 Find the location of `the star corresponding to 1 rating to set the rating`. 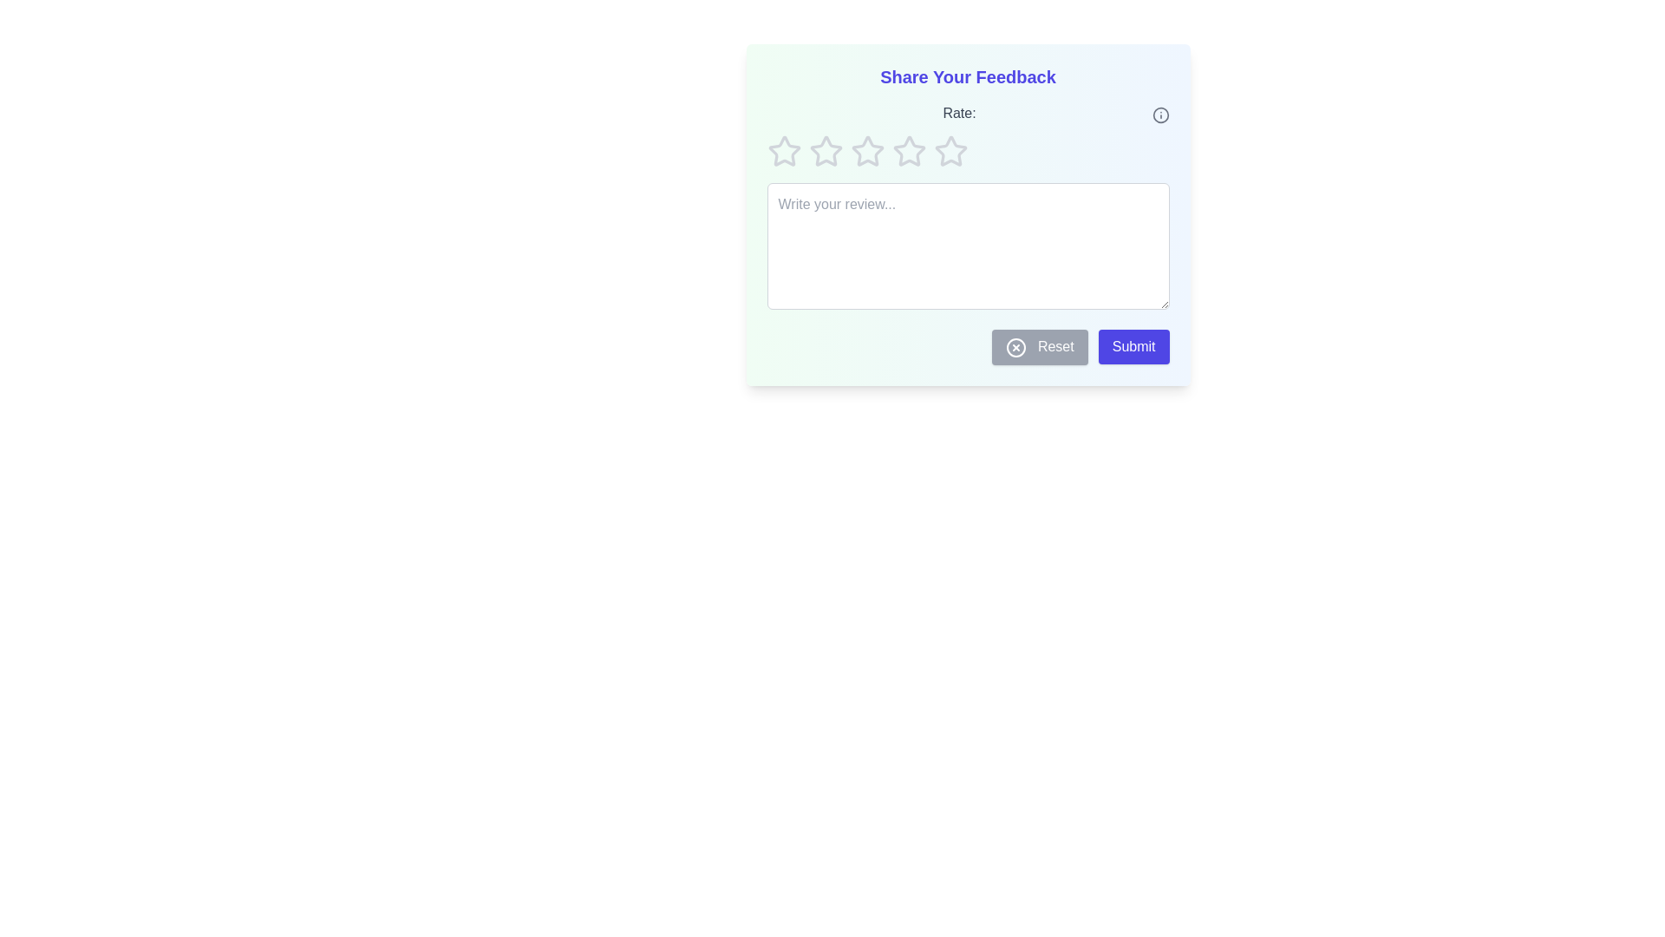

the star corresponding to 1 rating to set the rating is located at coordinates (783, 150).